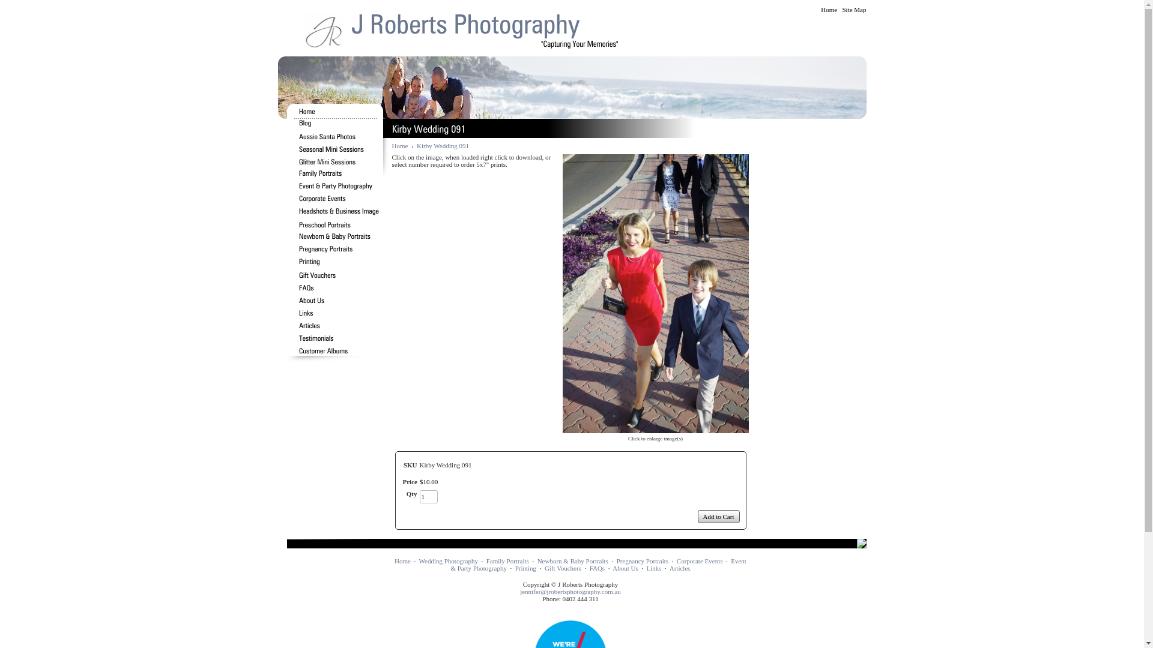 The width and height of the screenshot is (1153, 648). Describe the element at coordinates (442, 145) in the screenshot. I see `'Kirby Wedding 091'` at that location.